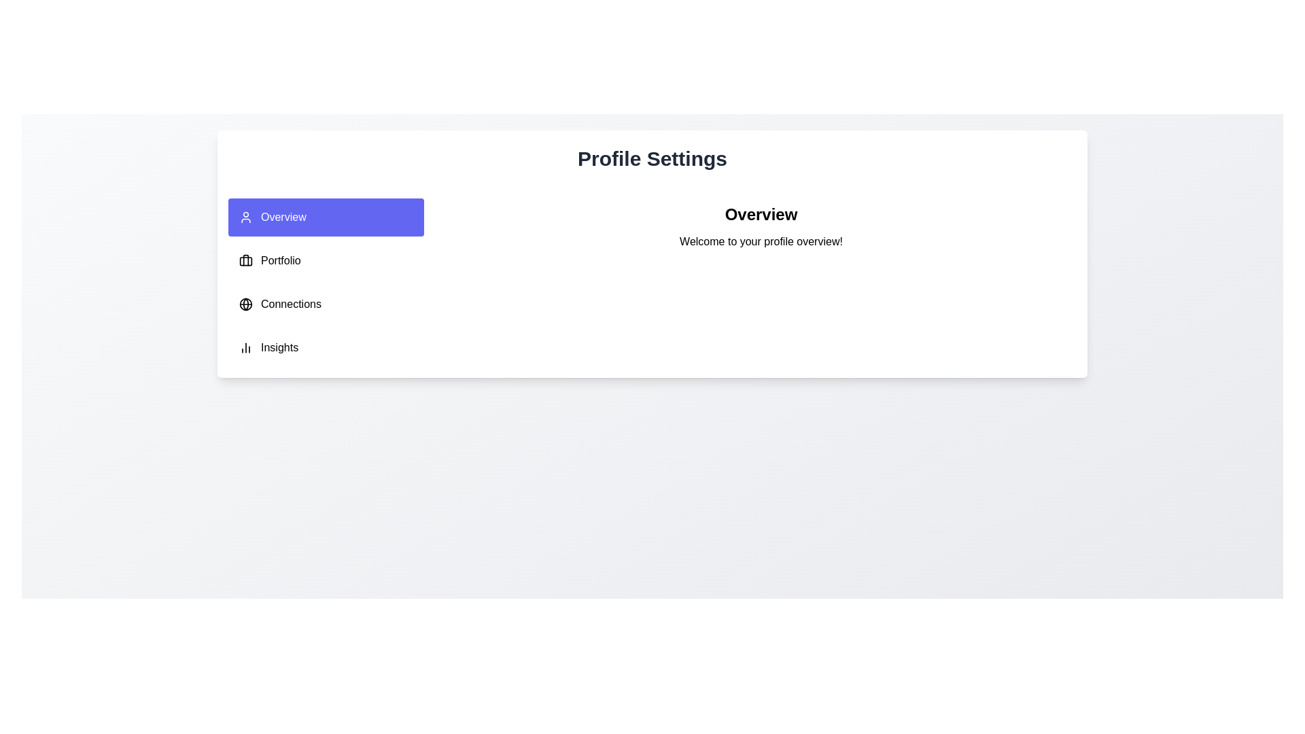 This screenshot has width=1305, height=734. What do you see at coordinates (326, 261) in the screenshot?
I see `the tab labeled Portfolio in the navigation menu` at bounding box center [326, 261].